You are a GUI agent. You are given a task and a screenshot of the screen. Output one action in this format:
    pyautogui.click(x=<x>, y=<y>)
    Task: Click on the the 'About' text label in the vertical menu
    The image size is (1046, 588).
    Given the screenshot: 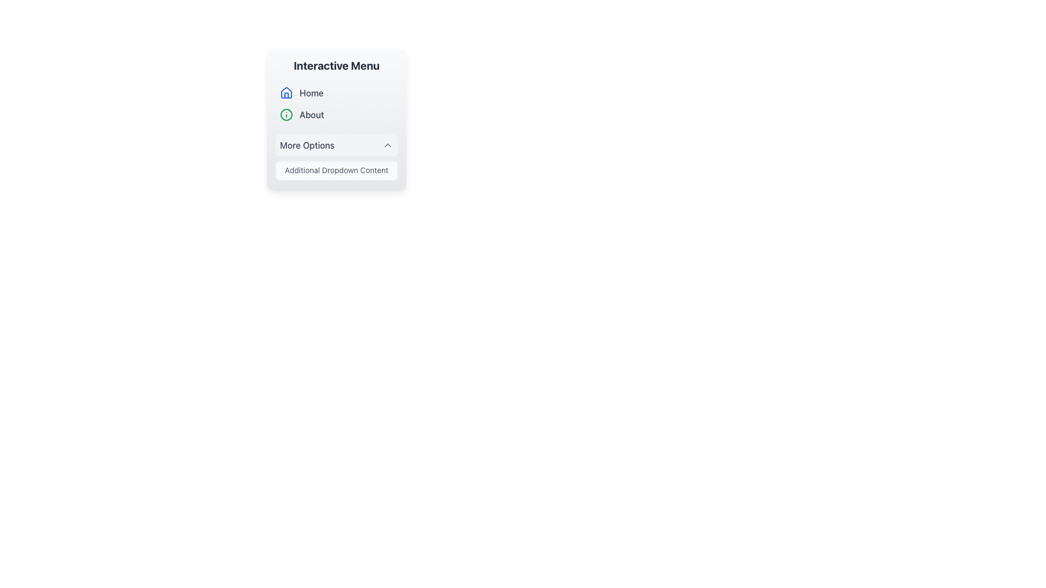 What is the action you would take?
    pyautogui.click(x=311, y=115)
    